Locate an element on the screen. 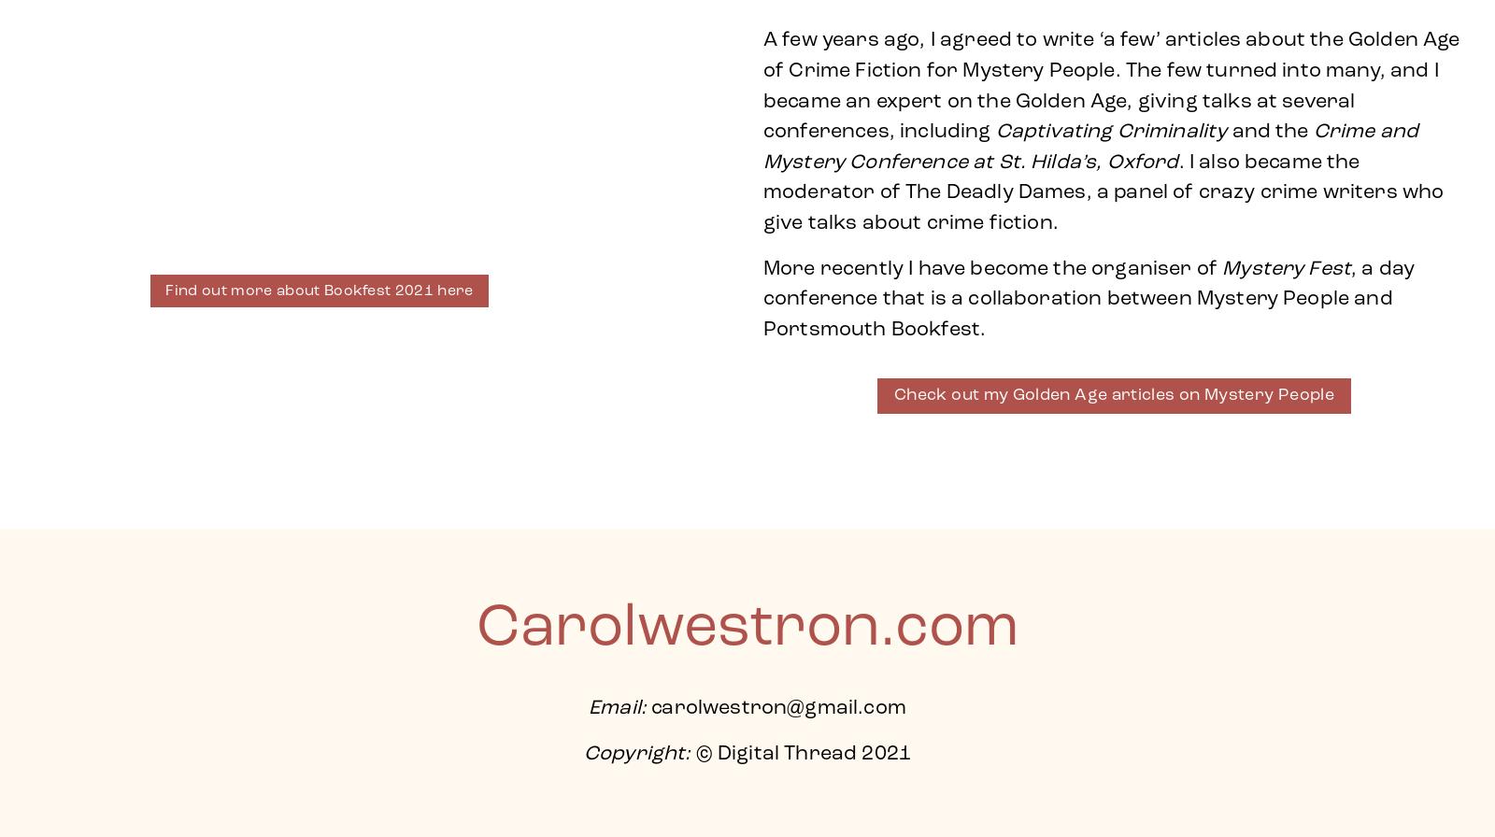 The image size is (1495, 837). 'Mystery Fest' is located at coordinates (1221, 268).